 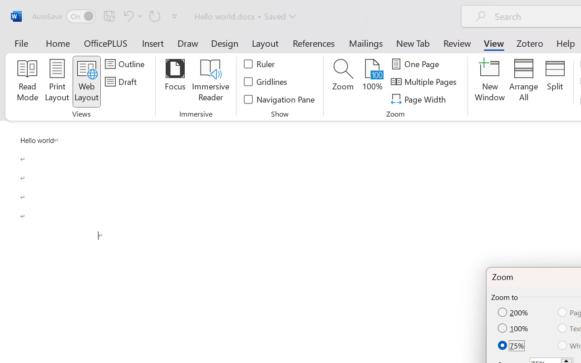 What do you see at coordinates (413, 43) in the screenshot?
I see `'New Tab'` at bounding box center [413, 43].